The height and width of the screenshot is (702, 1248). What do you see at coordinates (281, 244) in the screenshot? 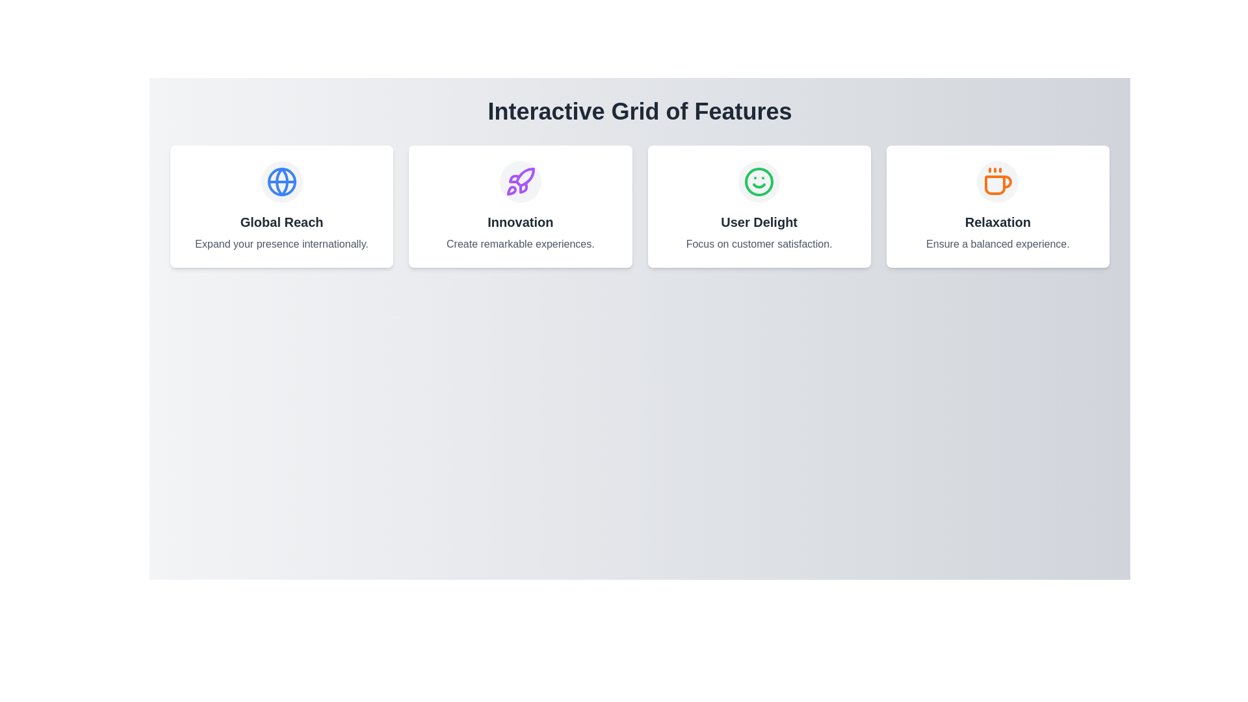
I see `the text label displaying 'Expand your presence internationally.' which is styled in gray font and positioned below the title 'Global Reach.'` at bounding box center [281, 244].